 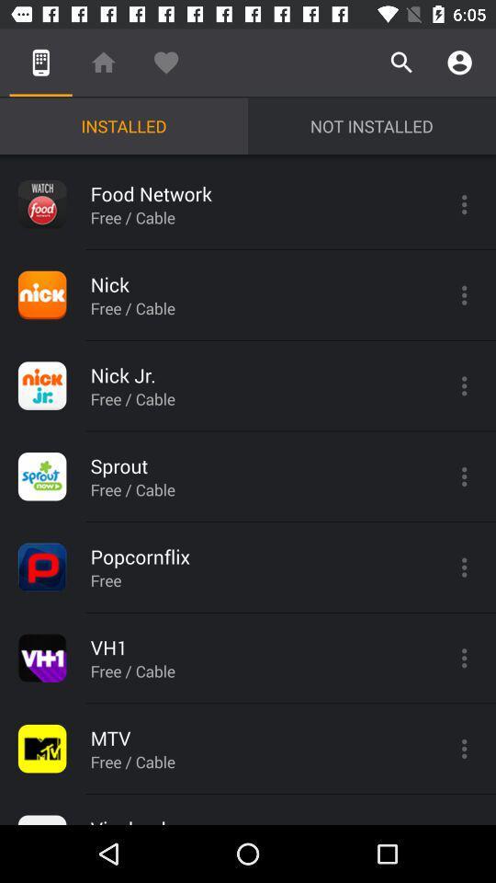 What do you see at coordinates (42, 476) in the screenshot?
I see `sprout icon` at bounding box center [42, 476].